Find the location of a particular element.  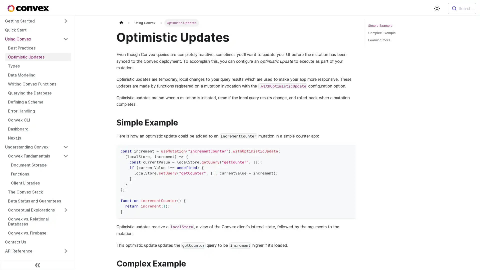

Toggle the collapsible sidebar category 'API Reference' is located at coordinates (65, 251).